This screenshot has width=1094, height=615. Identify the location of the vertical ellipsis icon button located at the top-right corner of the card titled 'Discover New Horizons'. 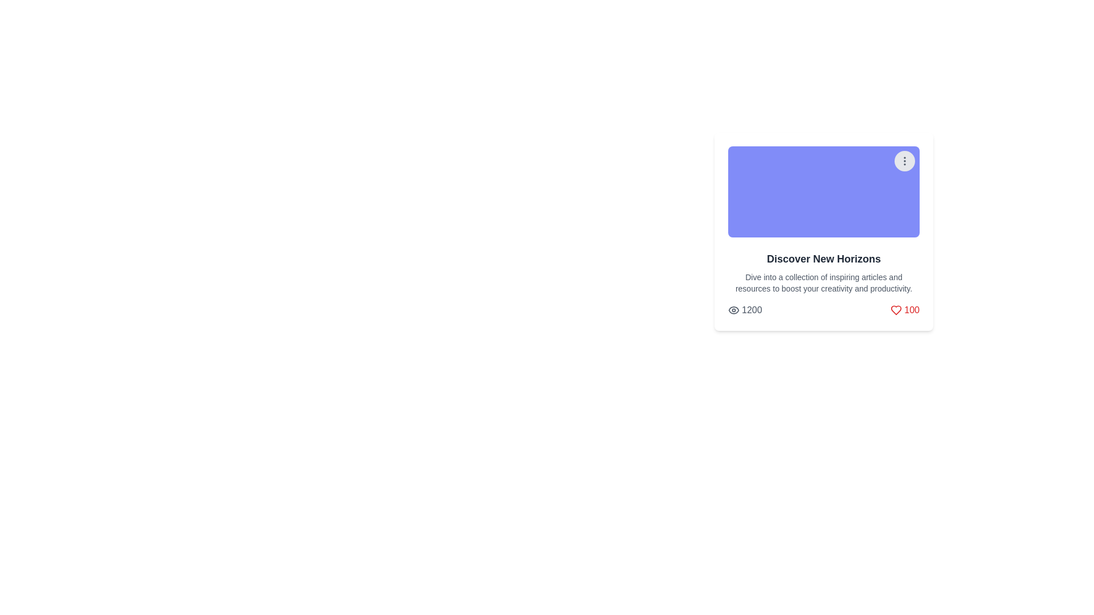
(904, 161).